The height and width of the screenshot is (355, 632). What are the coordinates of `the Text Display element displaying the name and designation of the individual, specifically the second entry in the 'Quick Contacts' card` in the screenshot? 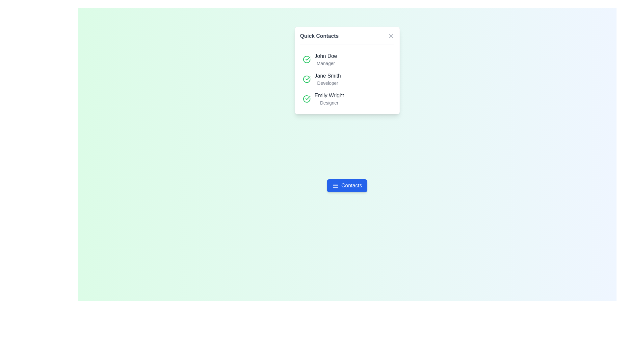 It's located at (328, 79).